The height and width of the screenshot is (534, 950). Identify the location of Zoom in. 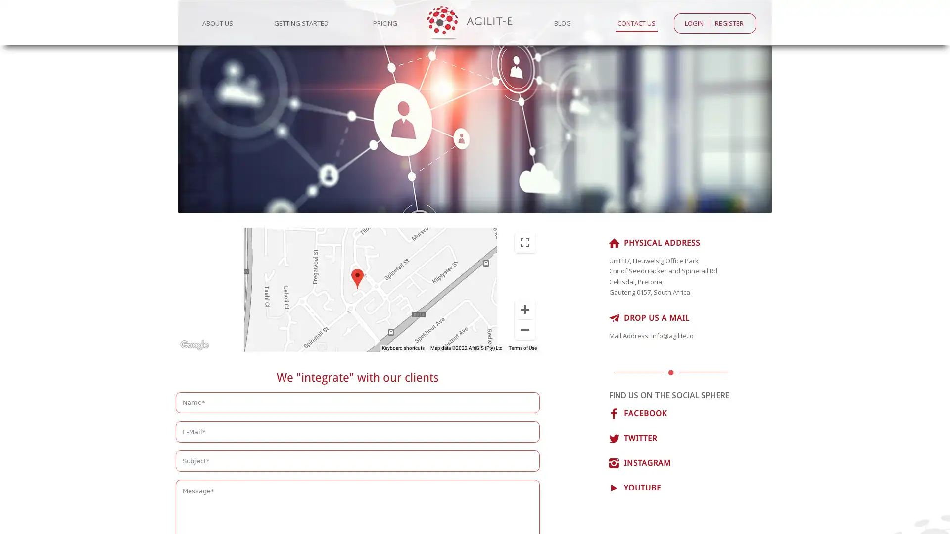
(524, 309).